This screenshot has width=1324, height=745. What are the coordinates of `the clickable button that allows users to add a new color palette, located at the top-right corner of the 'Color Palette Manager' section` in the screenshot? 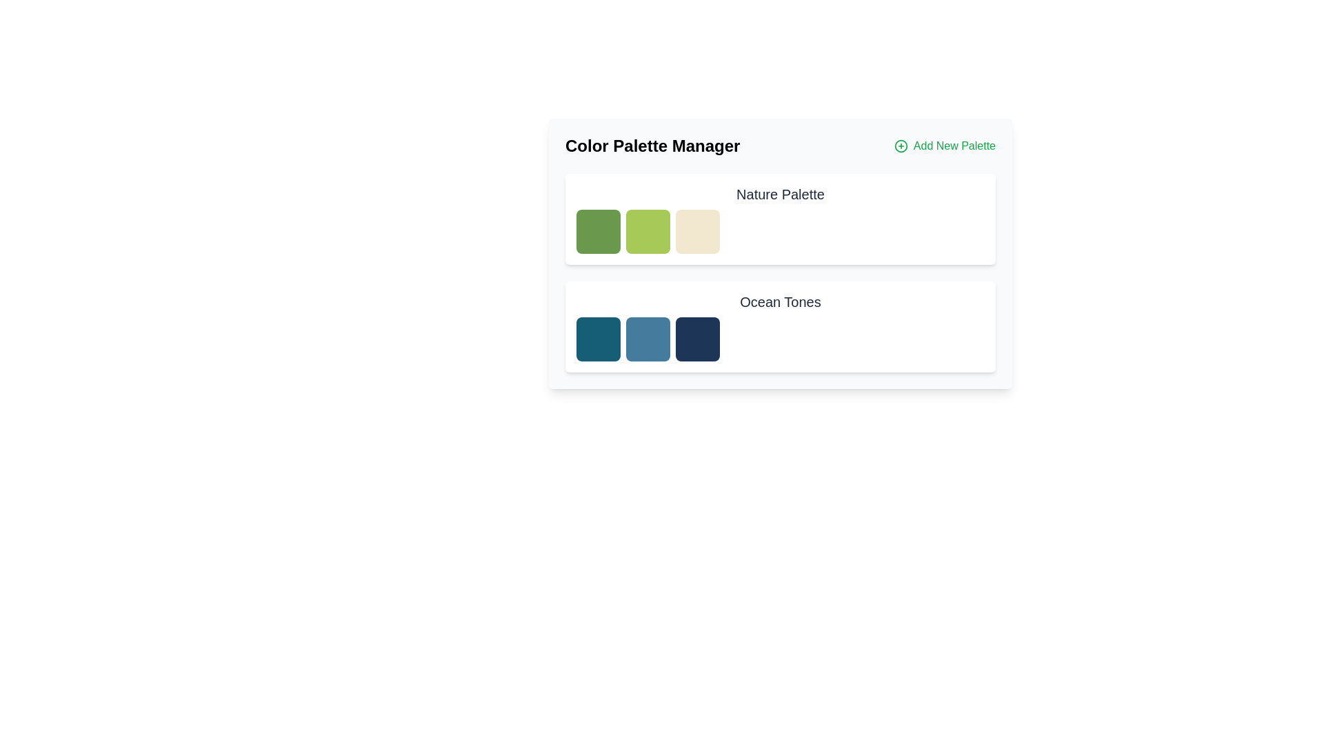 It's located at (944, 146).